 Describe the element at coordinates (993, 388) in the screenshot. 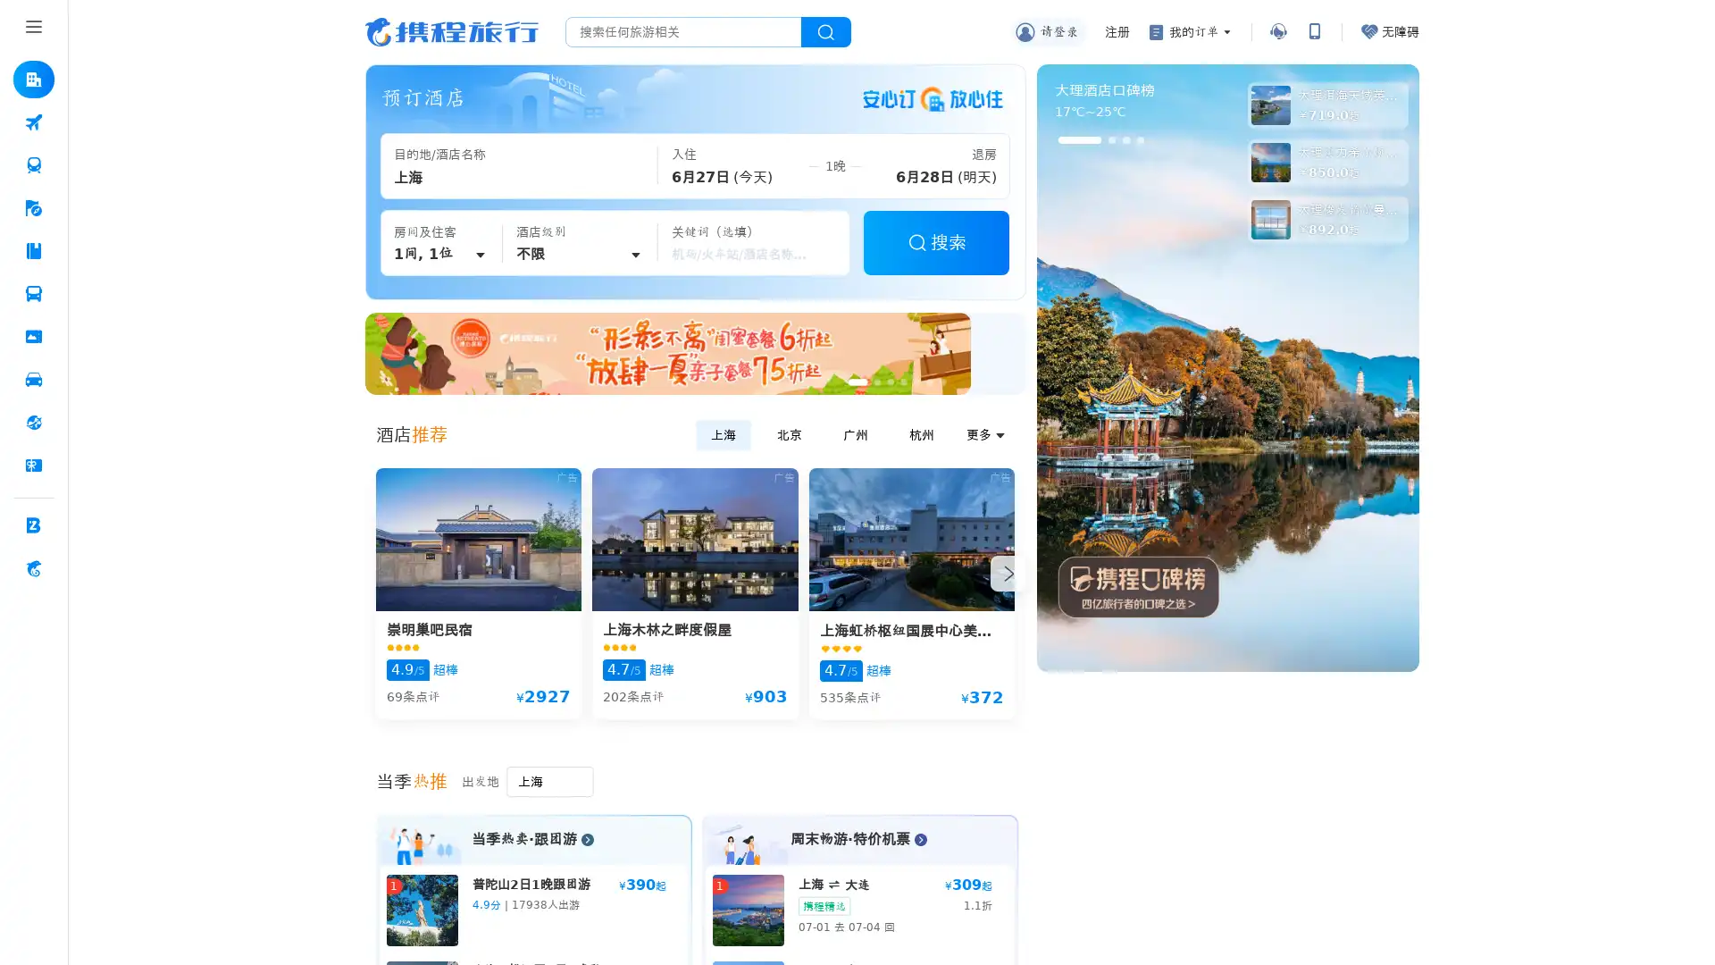

I see `Go to slide 7` at that location.